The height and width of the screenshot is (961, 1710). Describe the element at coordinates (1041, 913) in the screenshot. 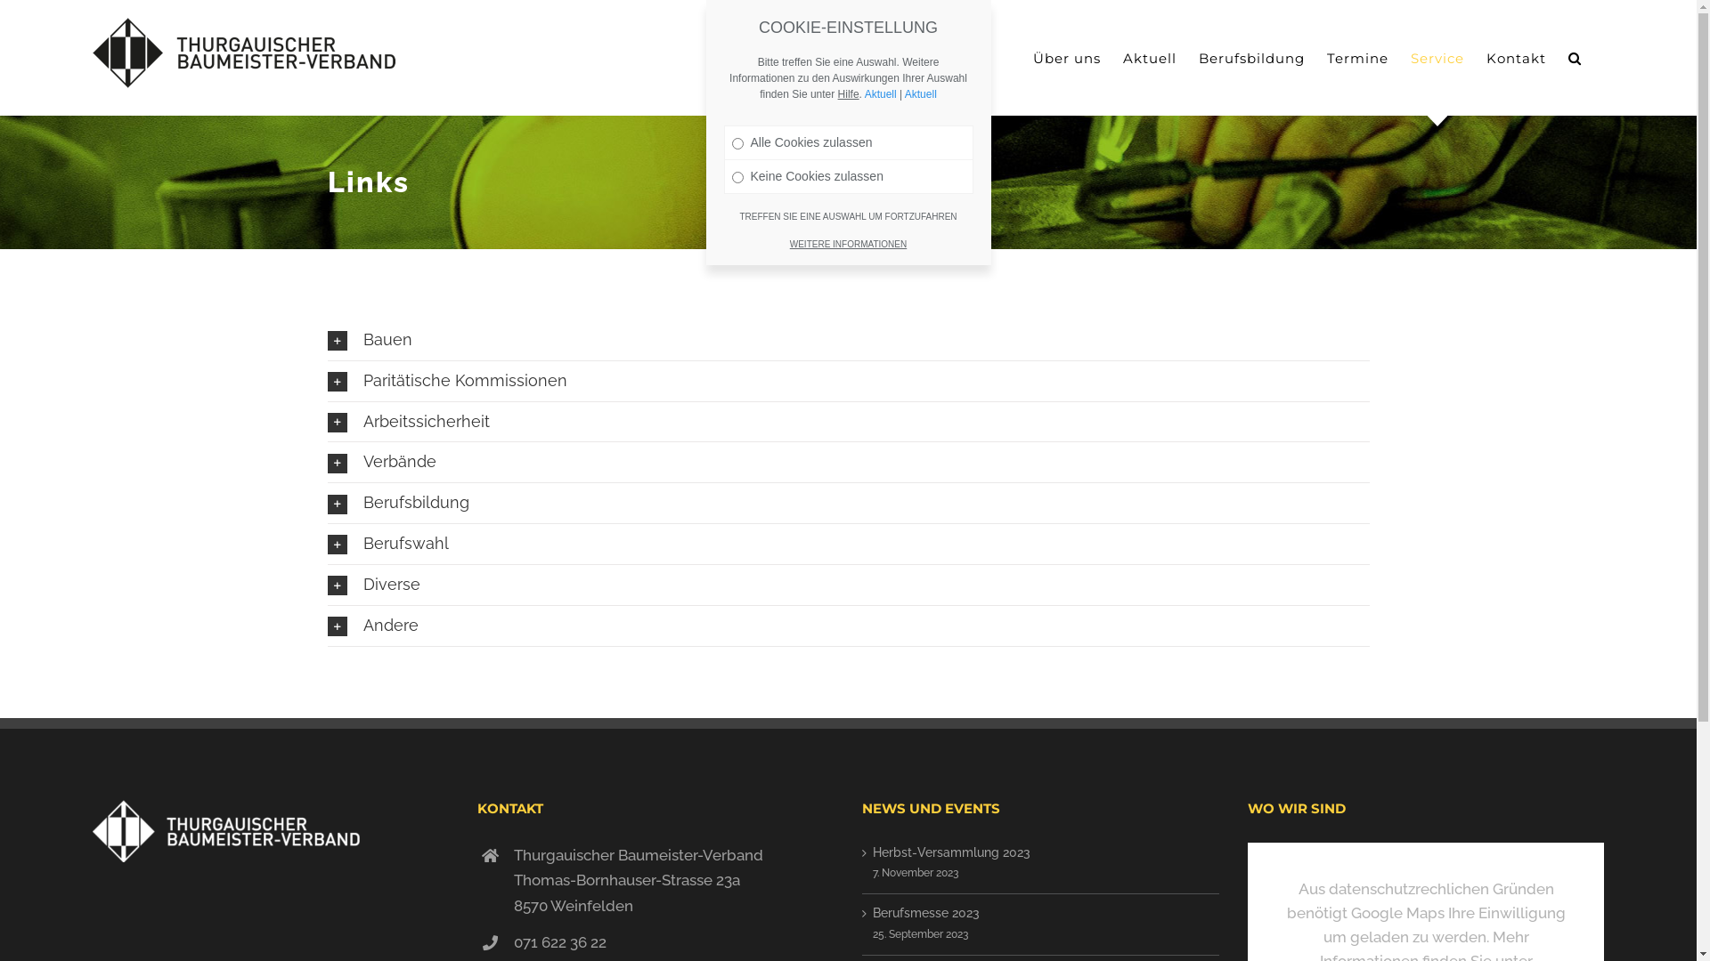

I see `'Berufsmesse 2023'` at that location.